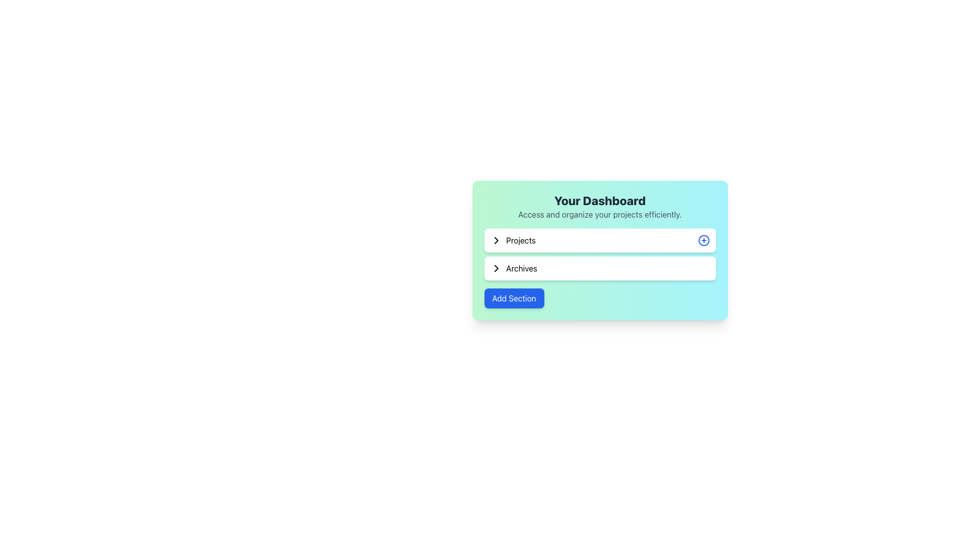 Image resolution: width=958 pixels, height=539 pixels. I want to click on the graphical circle of the 'expand' or 'plus' icon for the 'Projects' dropdown, indicating its expandable functionality, so click(703, 241).